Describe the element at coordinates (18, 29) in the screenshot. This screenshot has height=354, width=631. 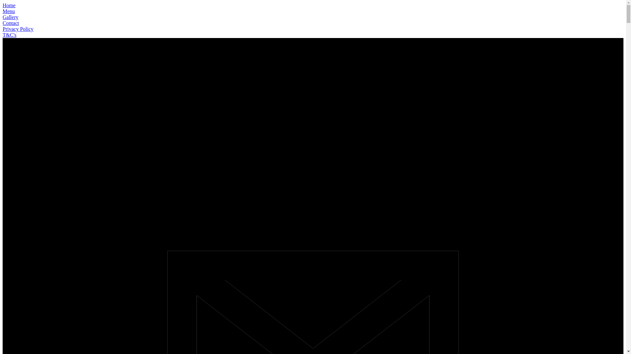
I see `'Privacy Policy'` at that location.